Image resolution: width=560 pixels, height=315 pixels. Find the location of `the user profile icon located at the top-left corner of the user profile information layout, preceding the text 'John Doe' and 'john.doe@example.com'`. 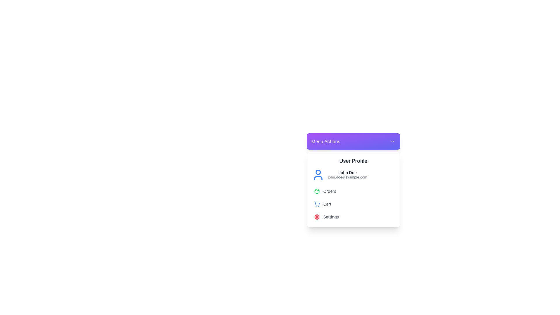

the user profile icon located at the top-left corner of the user profile information layout, preceding the text 'John Doe' and 'john.doe@example.com' is located at coordinates (318, 175).